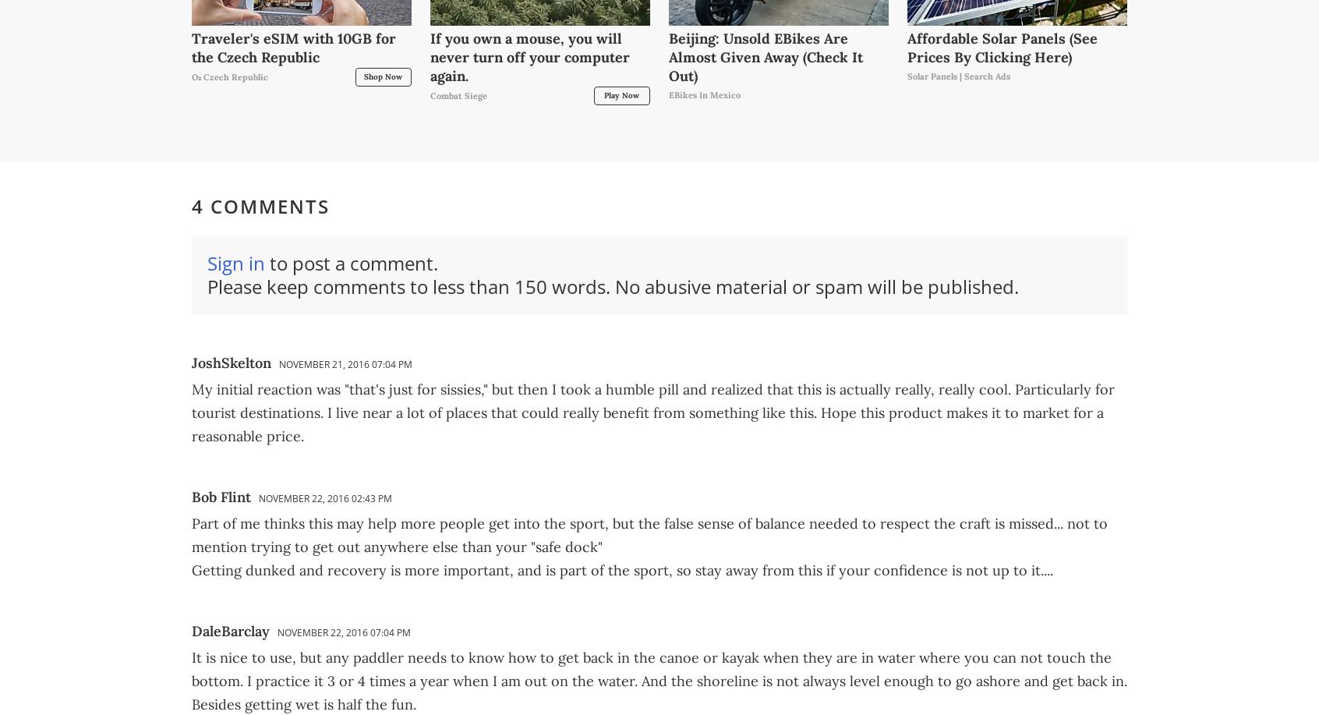 The height and width of the screenshot is (715, 1319). Describe the element at coordinates (613, 285) in the screenshot. I see `'Please keep comments to less than 150 words. No abusive material or spam will be published.'` at that location.